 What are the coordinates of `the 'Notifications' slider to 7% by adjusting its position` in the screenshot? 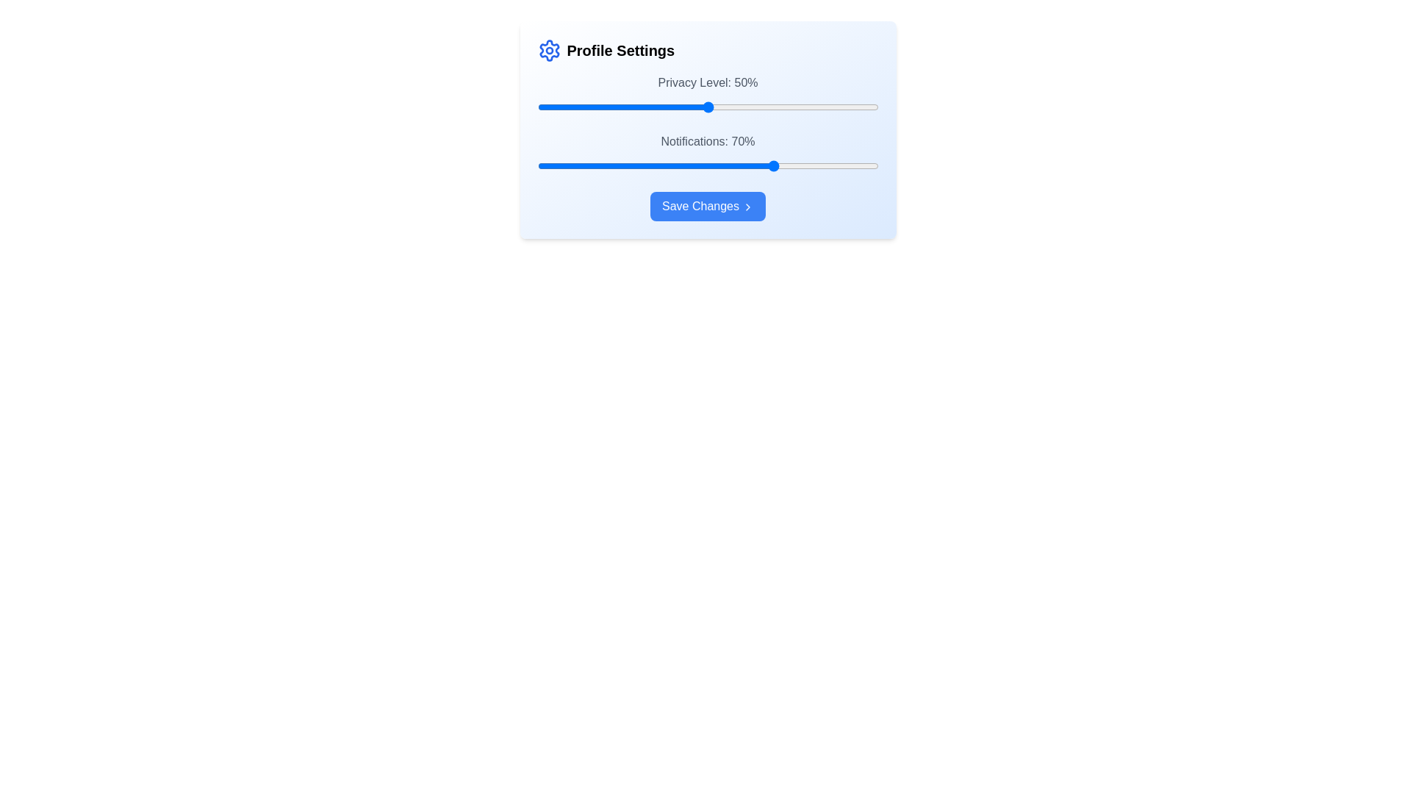 It's located at (560, 165).